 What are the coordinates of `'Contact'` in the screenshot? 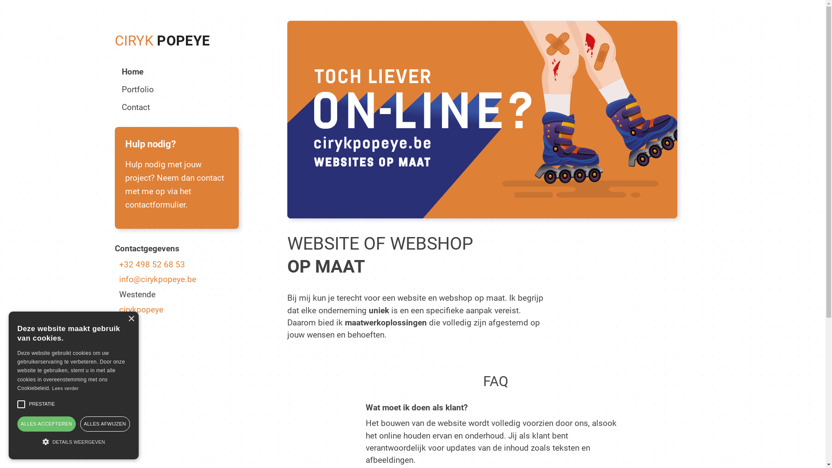 It's located at (135, 107).